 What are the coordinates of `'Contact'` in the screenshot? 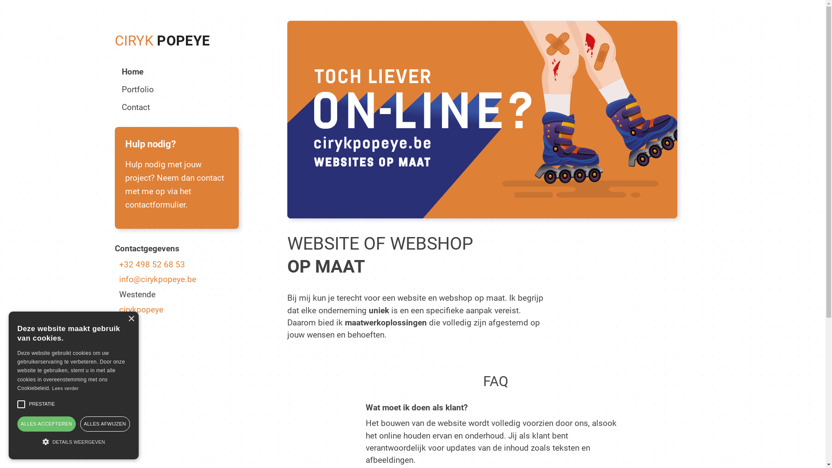 It's located at (135, 107).